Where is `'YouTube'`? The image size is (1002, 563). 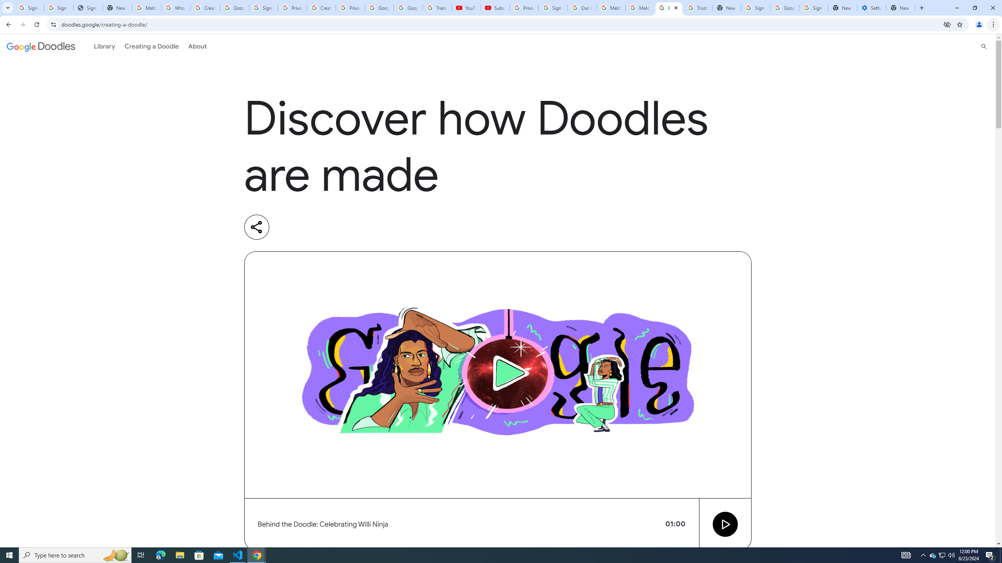
'YouTube' is located at coordinates (466, 7).